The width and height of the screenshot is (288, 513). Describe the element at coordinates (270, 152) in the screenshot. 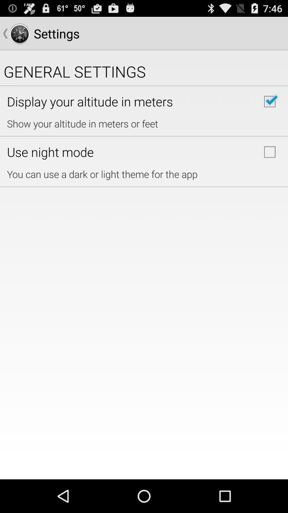

I see `option` at that location.